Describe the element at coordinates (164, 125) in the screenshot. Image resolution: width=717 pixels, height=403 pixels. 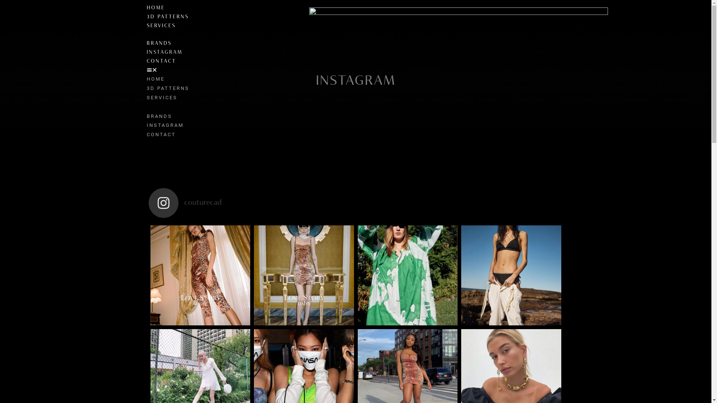
I see `'INSTAGRAM'` at that location.